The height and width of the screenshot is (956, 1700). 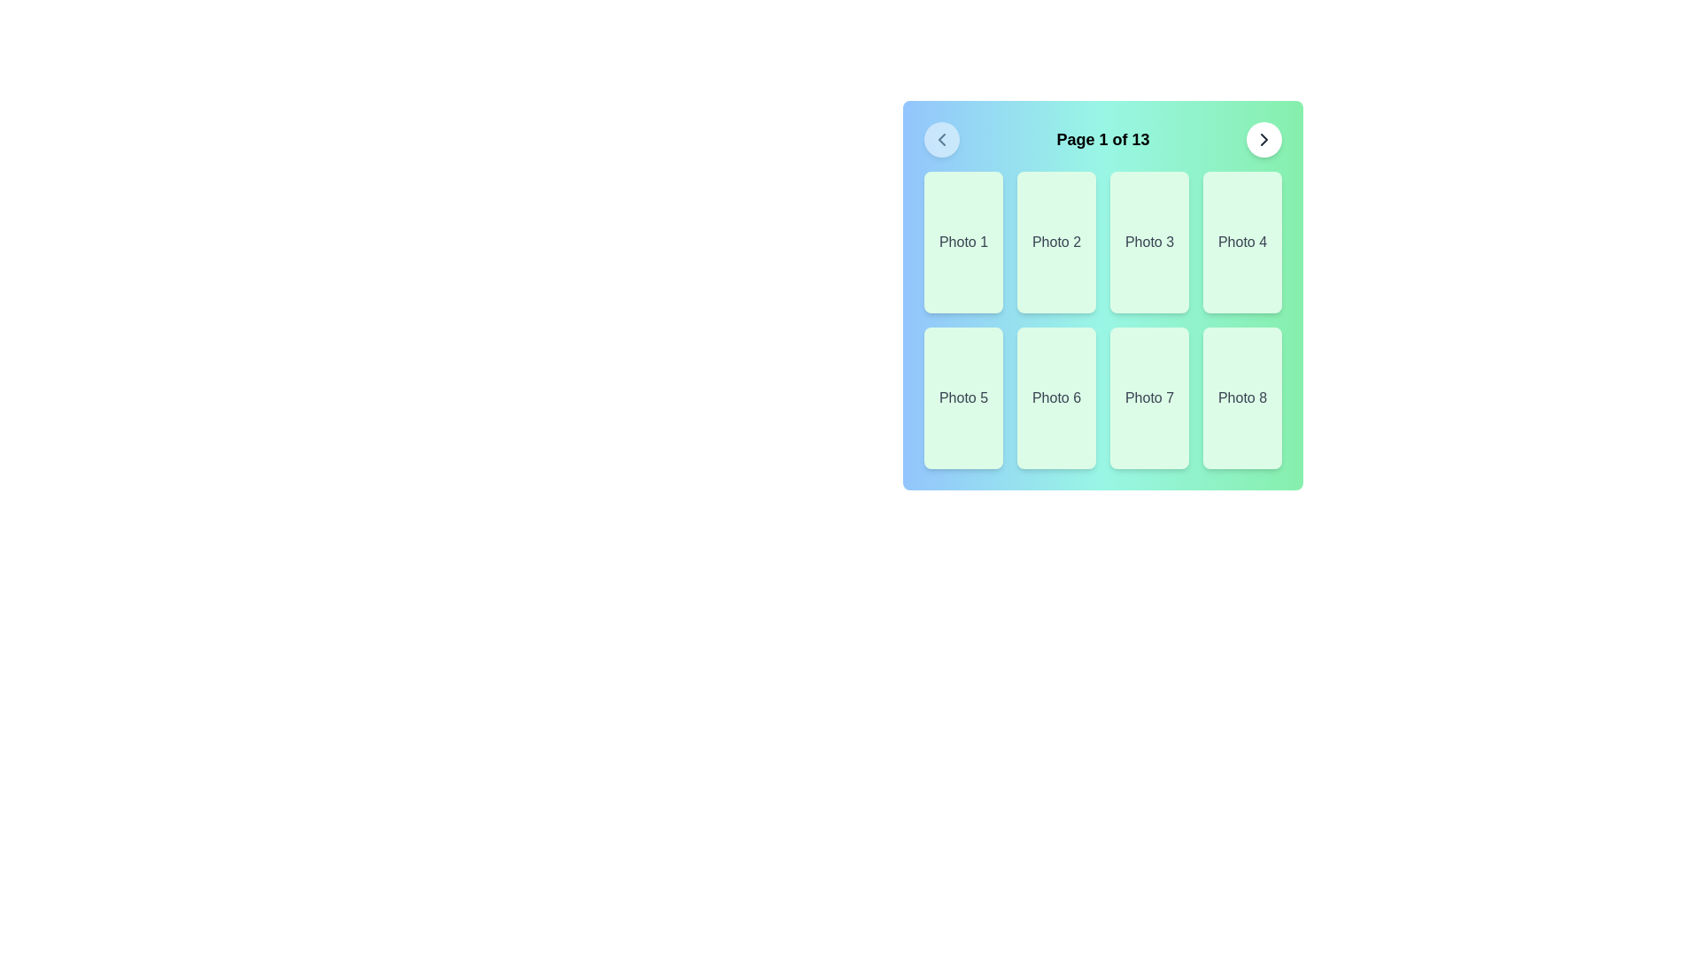 What do you see at coordinates (941, 139) in the screenshot?
I see `the chevron pointing left icon` at bounding box center [941, 139].